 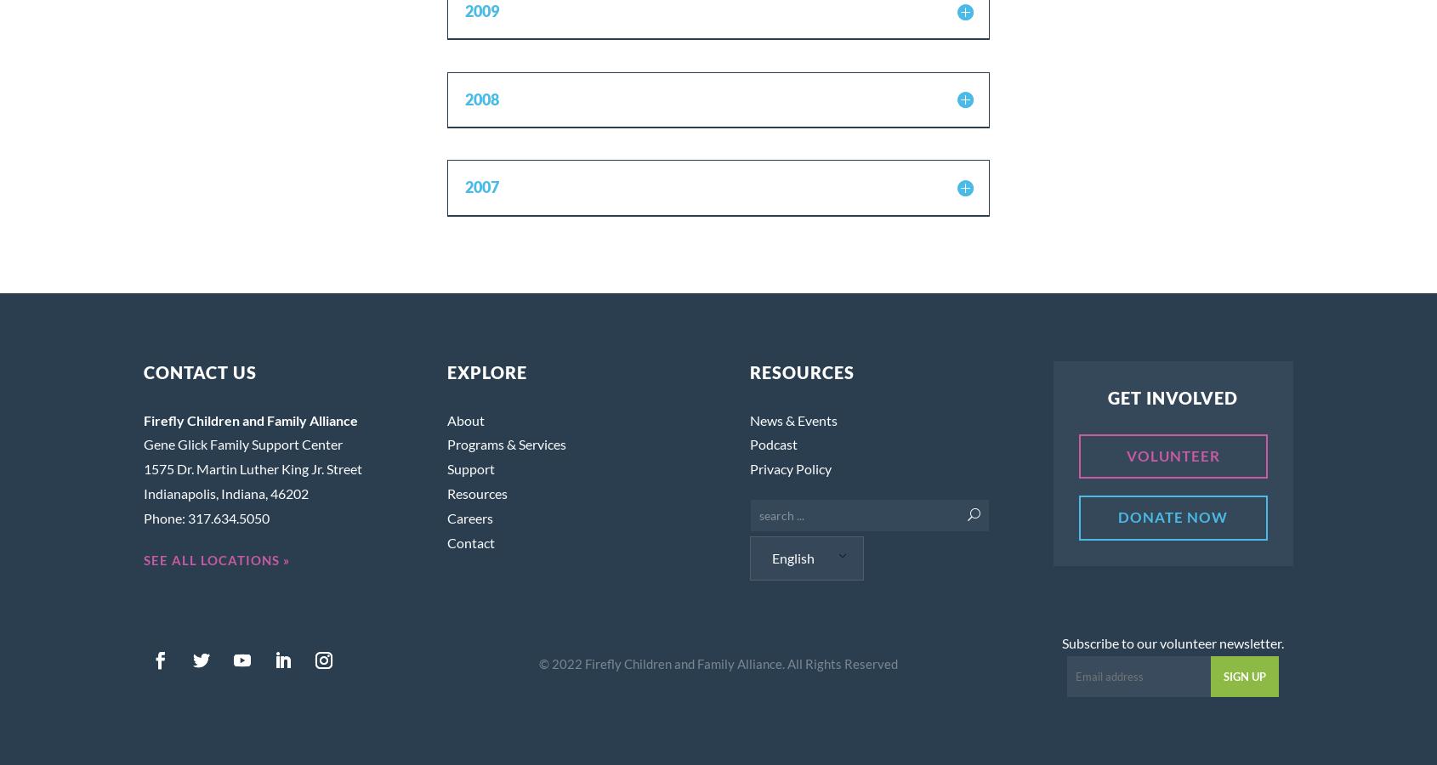 What do you see at coordinates (253, 467) in the screenshot?
I see `'1575 Dr. Martin Luther King Jr. Street'` at bounding box center [253, 467].